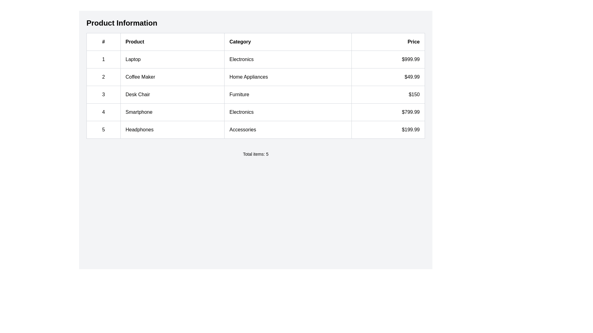 The image size is (593, 333). Describe the element at coordinates (256, 154) in the screenshot. I see `the static text block displaying 'Total items: 5', which is centered below the product data table` at that location.